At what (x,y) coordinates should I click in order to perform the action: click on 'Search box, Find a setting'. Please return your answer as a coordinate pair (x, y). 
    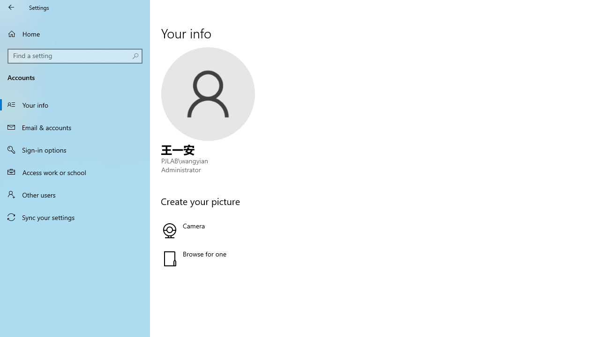
    Looking at the image, I should click on (75, 56).